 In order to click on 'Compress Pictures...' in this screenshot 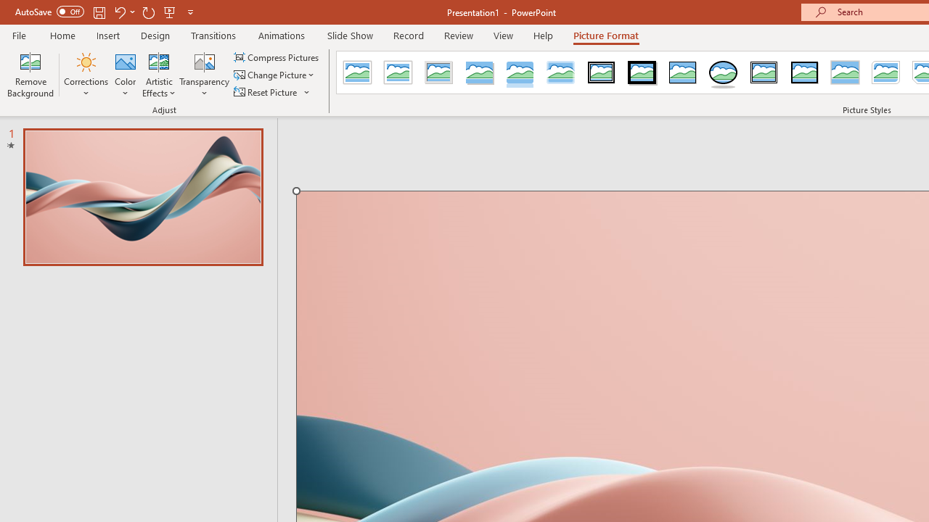, I will do `click(277, 57)`.